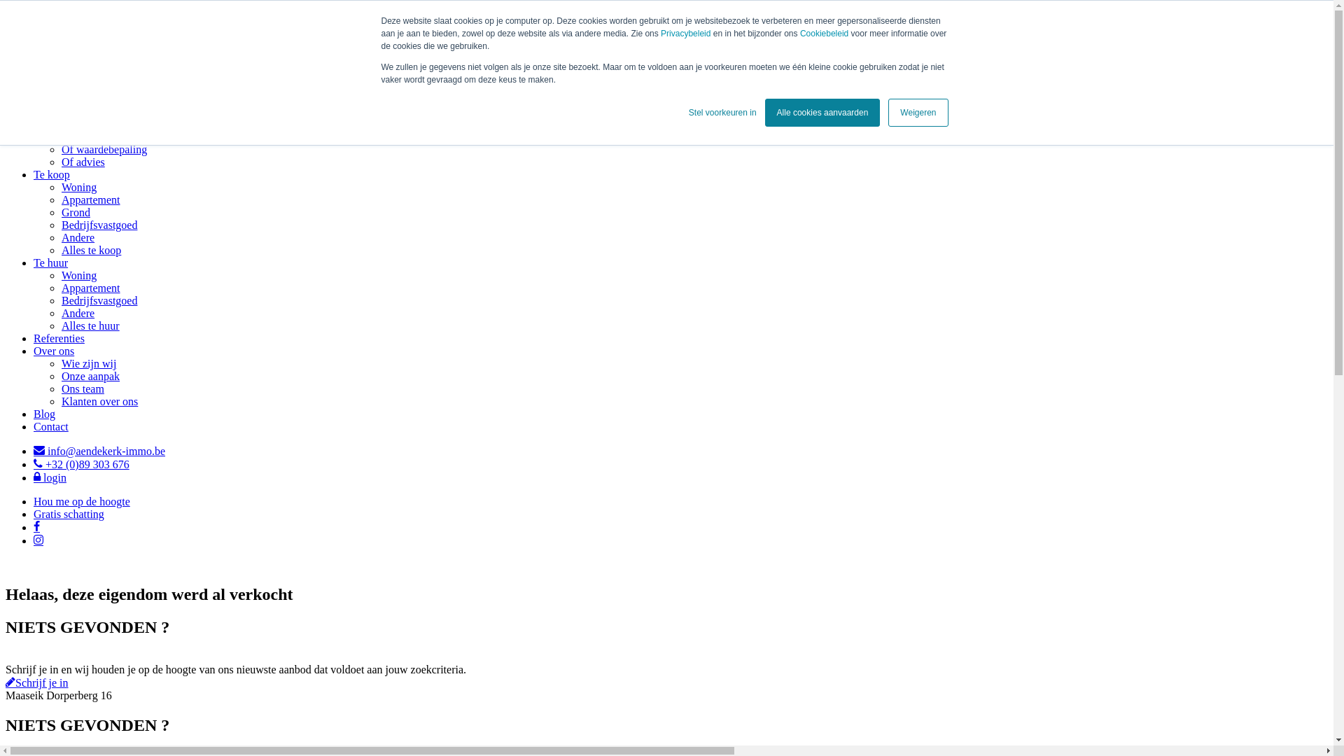 The height and width of the screenshot is (756, 1344). Describe the element at coordinates (90, 249) in the screenshot. I see `'Alles te koop'` at that location.